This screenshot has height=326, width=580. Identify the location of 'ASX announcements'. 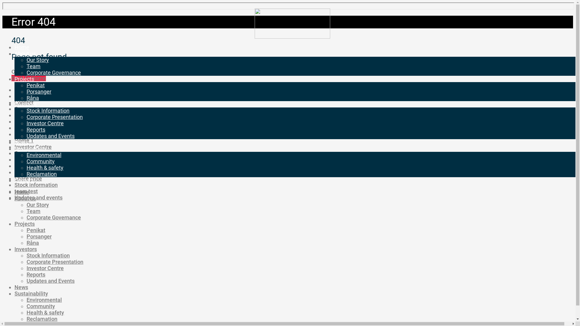
(40, 90).